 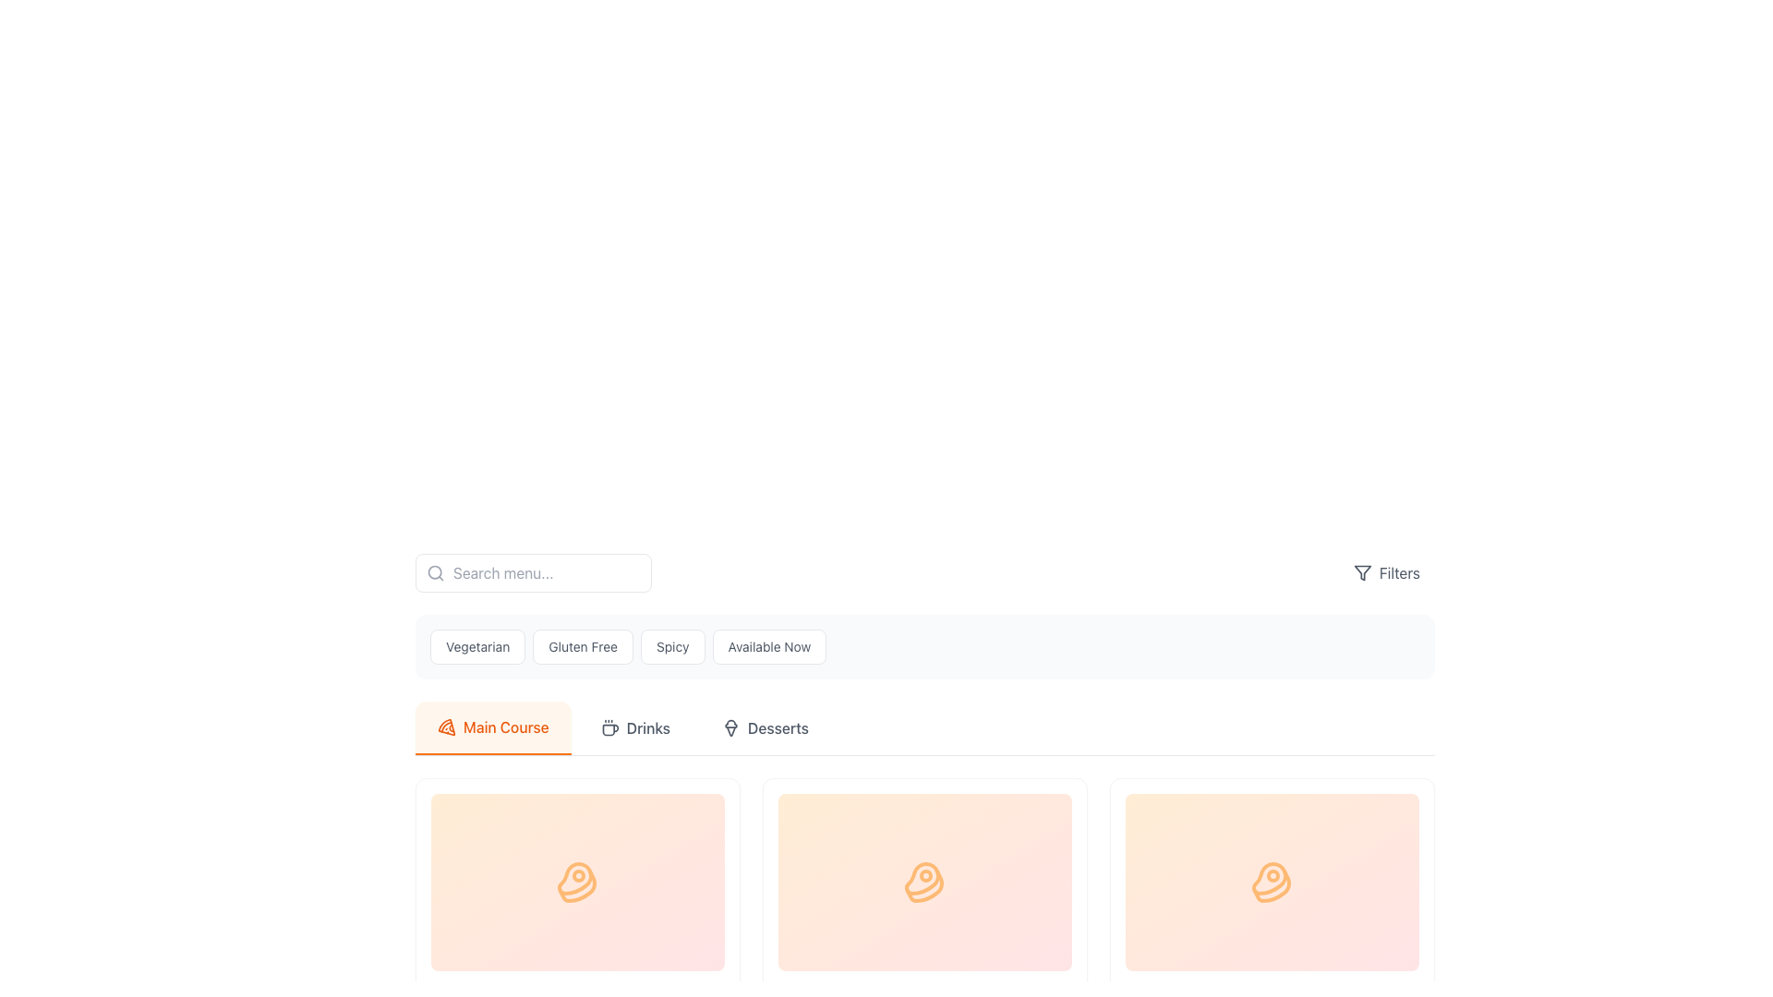 I want to click on the 'Search' icon represented by a gray magnifying glass located at the top left corner of the search input box as a visual indicator, so click(x=434, y=572).